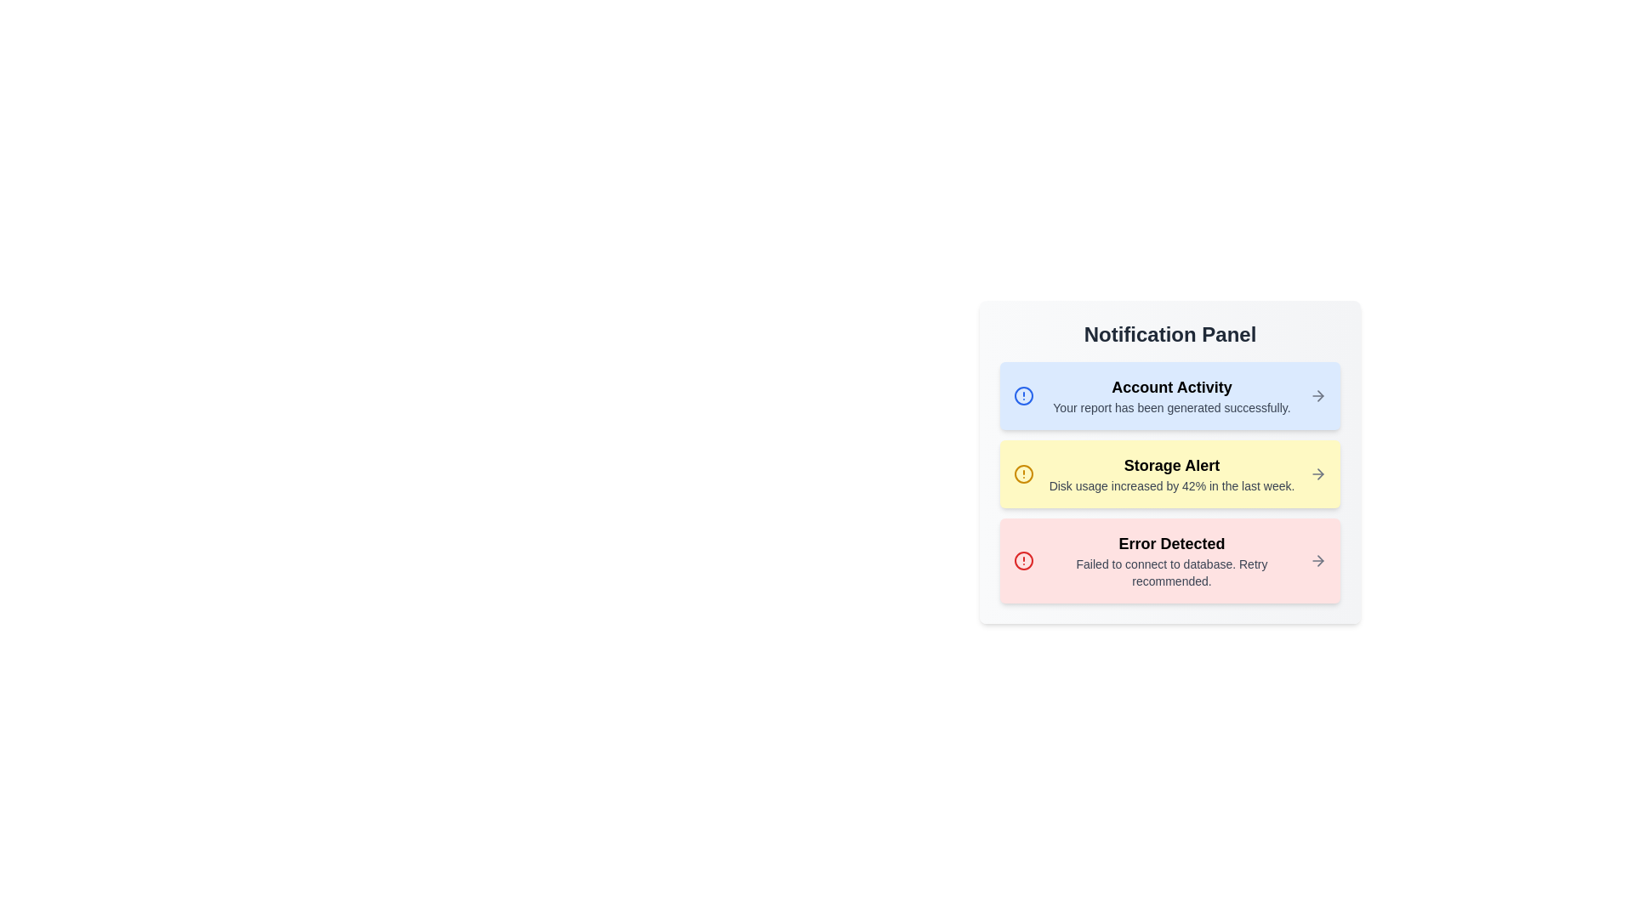 The image size is (1633, 918). Describe the element at coordinates (1047, 452) in the screenshot. I see `the text of the notification titled 'Storage Alert'` at that location.